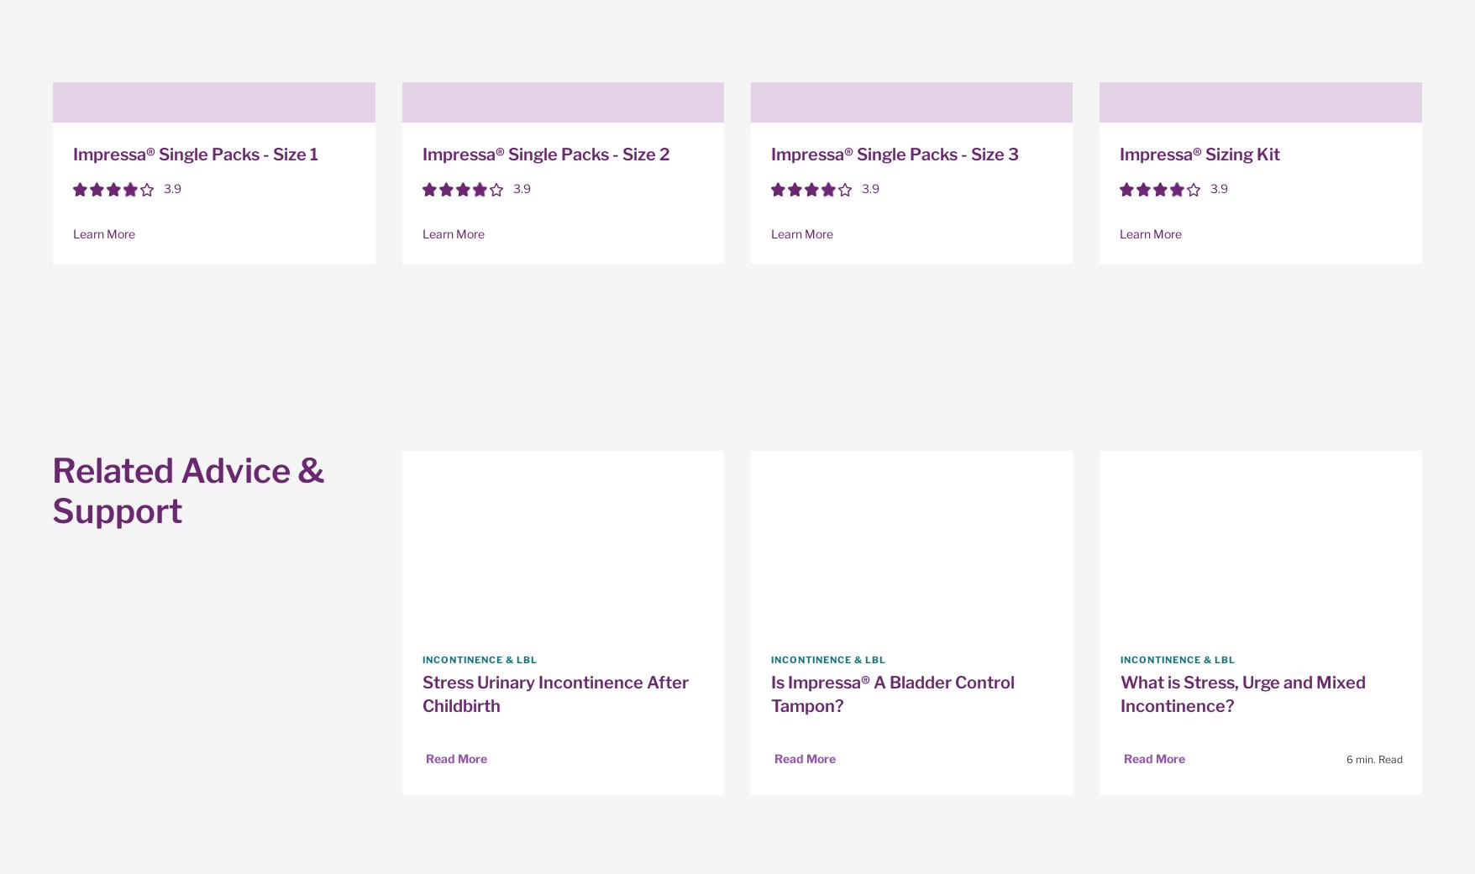 Image resolution: width=1475 pixels, height=874 pixels. What do you see at coordinates (544, 154) in the screenshot?
I see `'Impressa® Single Packs - Size 2'` at bounding box center [544, 154].